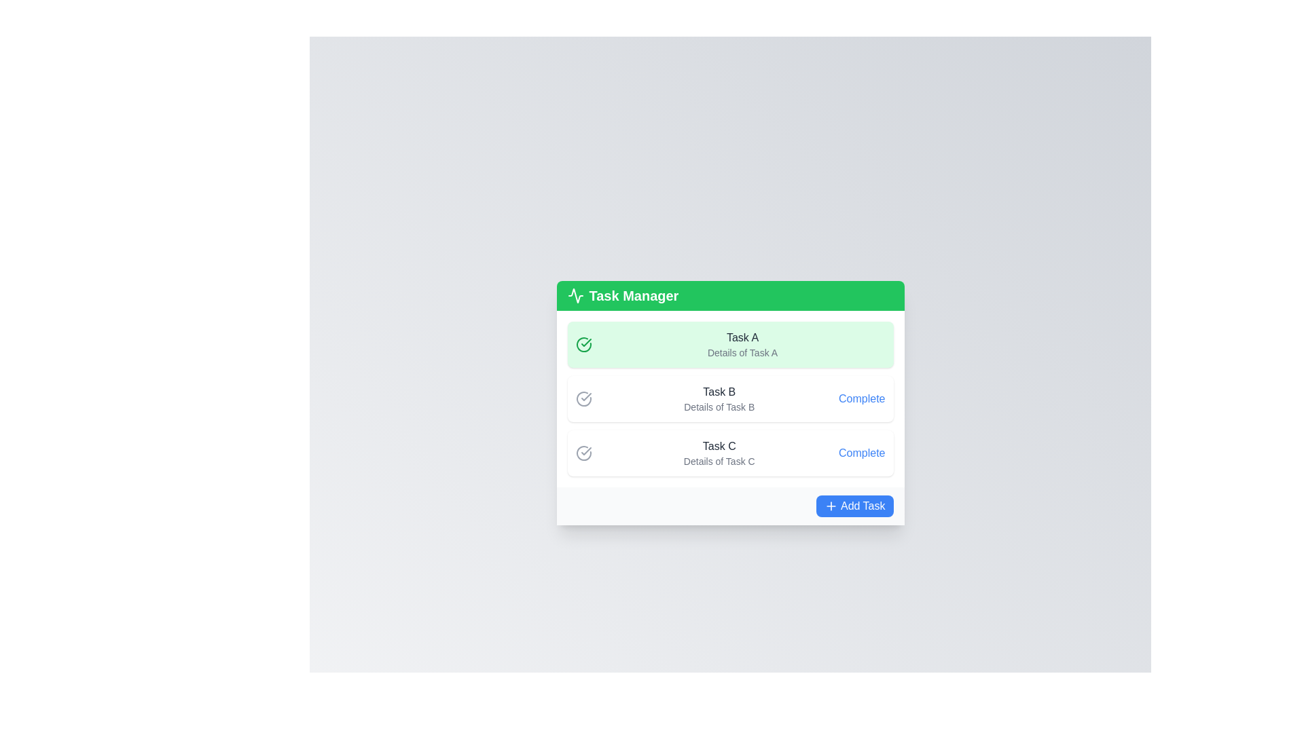 The height and width of the screenshot is (733, 1304). Describe the element at coordinates (633, 295) in the screenshot. I see `title label of the Task Manager interface, which is horizontally centered in the green header section and located near an activity icon` at that location.